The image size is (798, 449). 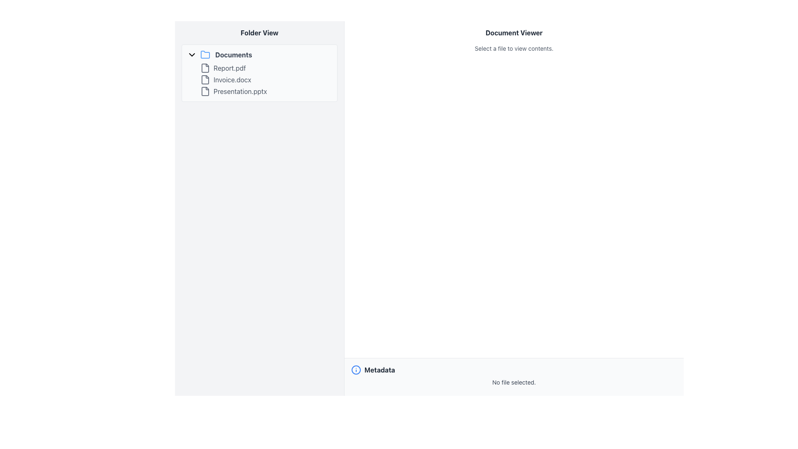 What do you see at coordinates (356, 370) in the screenshot?
I see `the information icon located at the beginning of the 'Metadata' section in the bottom right of the interface` at bounding box center [356, 370].